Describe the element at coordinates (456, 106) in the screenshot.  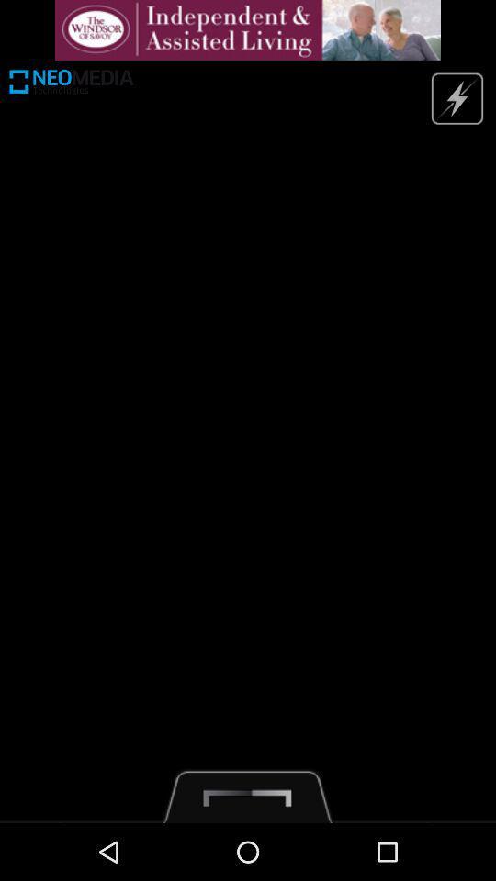
I see `the flash icon` at that location.